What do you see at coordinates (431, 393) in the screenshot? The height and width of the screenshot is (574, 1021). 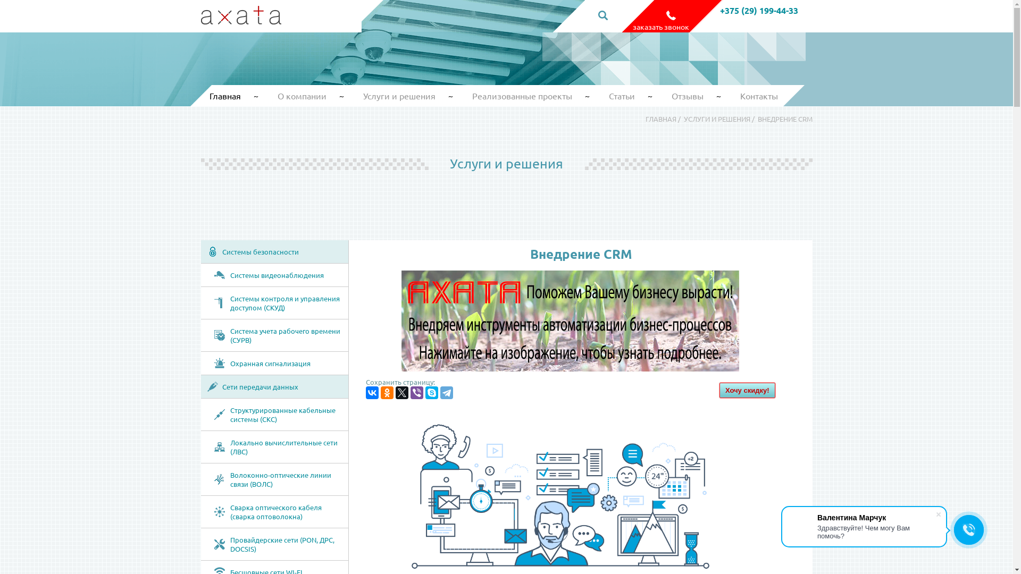 I see `'Skype'` at bounding box center [431, 393].